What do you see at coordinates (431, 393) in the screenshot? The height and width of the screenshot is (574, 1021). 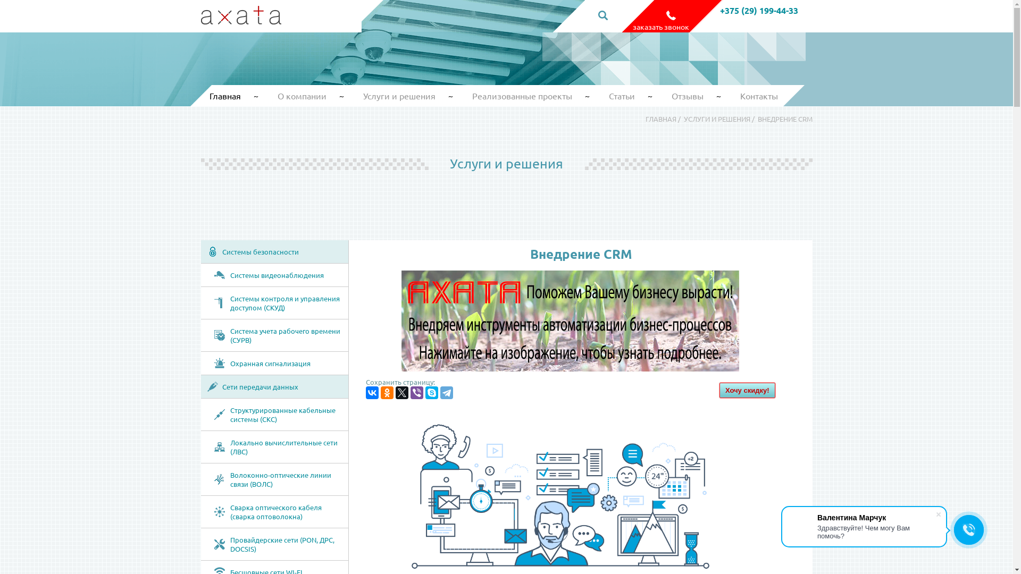 I see `'Skype'` at bounding box center [431, 393].